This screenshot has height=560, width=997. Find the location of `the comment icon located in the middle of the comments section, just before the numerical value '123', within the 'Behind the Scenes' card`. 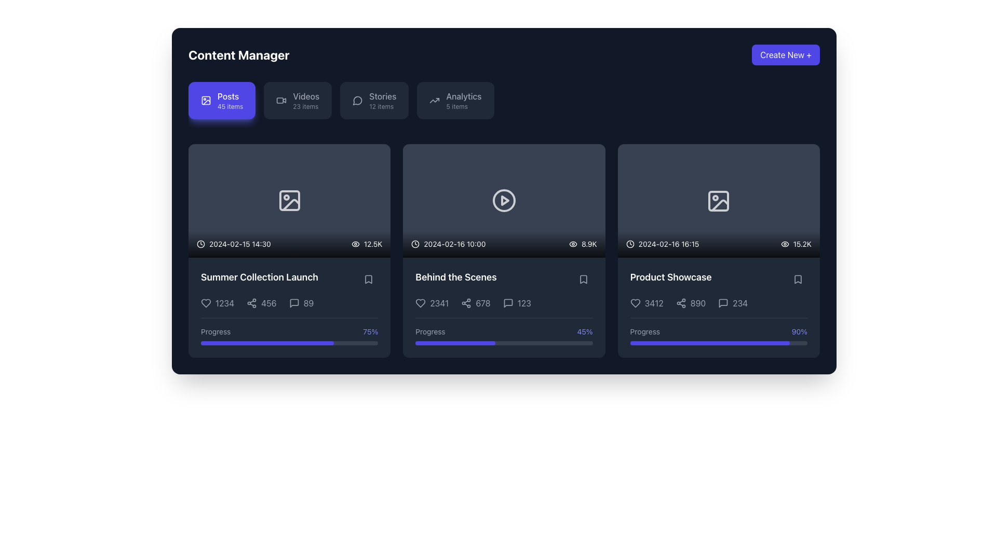

the comment icon located in the middle of the comments section, just before the numerical value '123', within the 'Behind the Scenes' card is located at coordinates (504, 307).